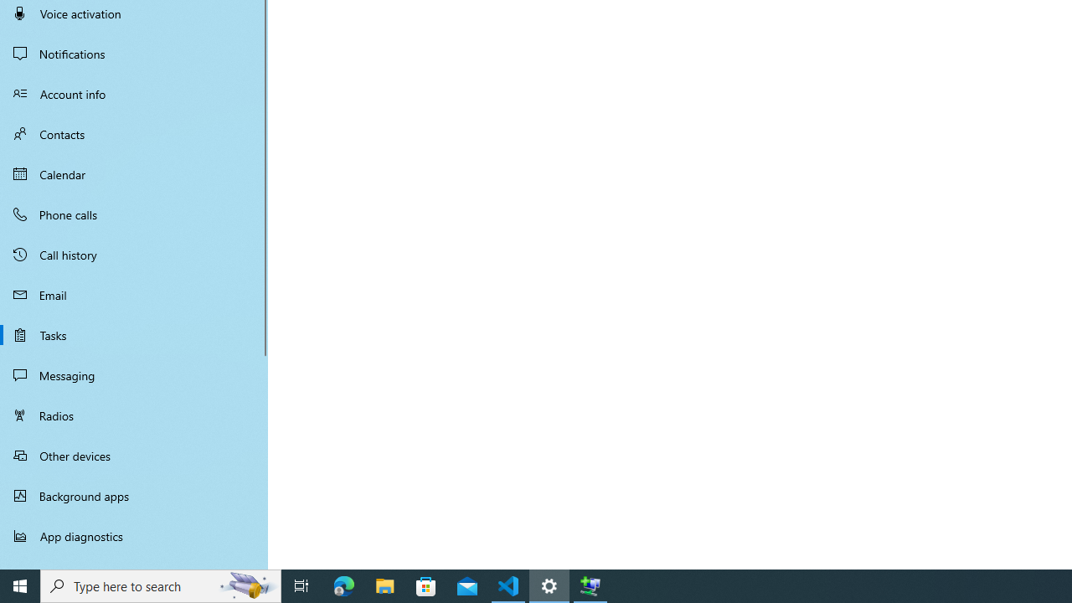 The image size is (1072, 603). I want to click on 'Calendar', so click(134, 174).